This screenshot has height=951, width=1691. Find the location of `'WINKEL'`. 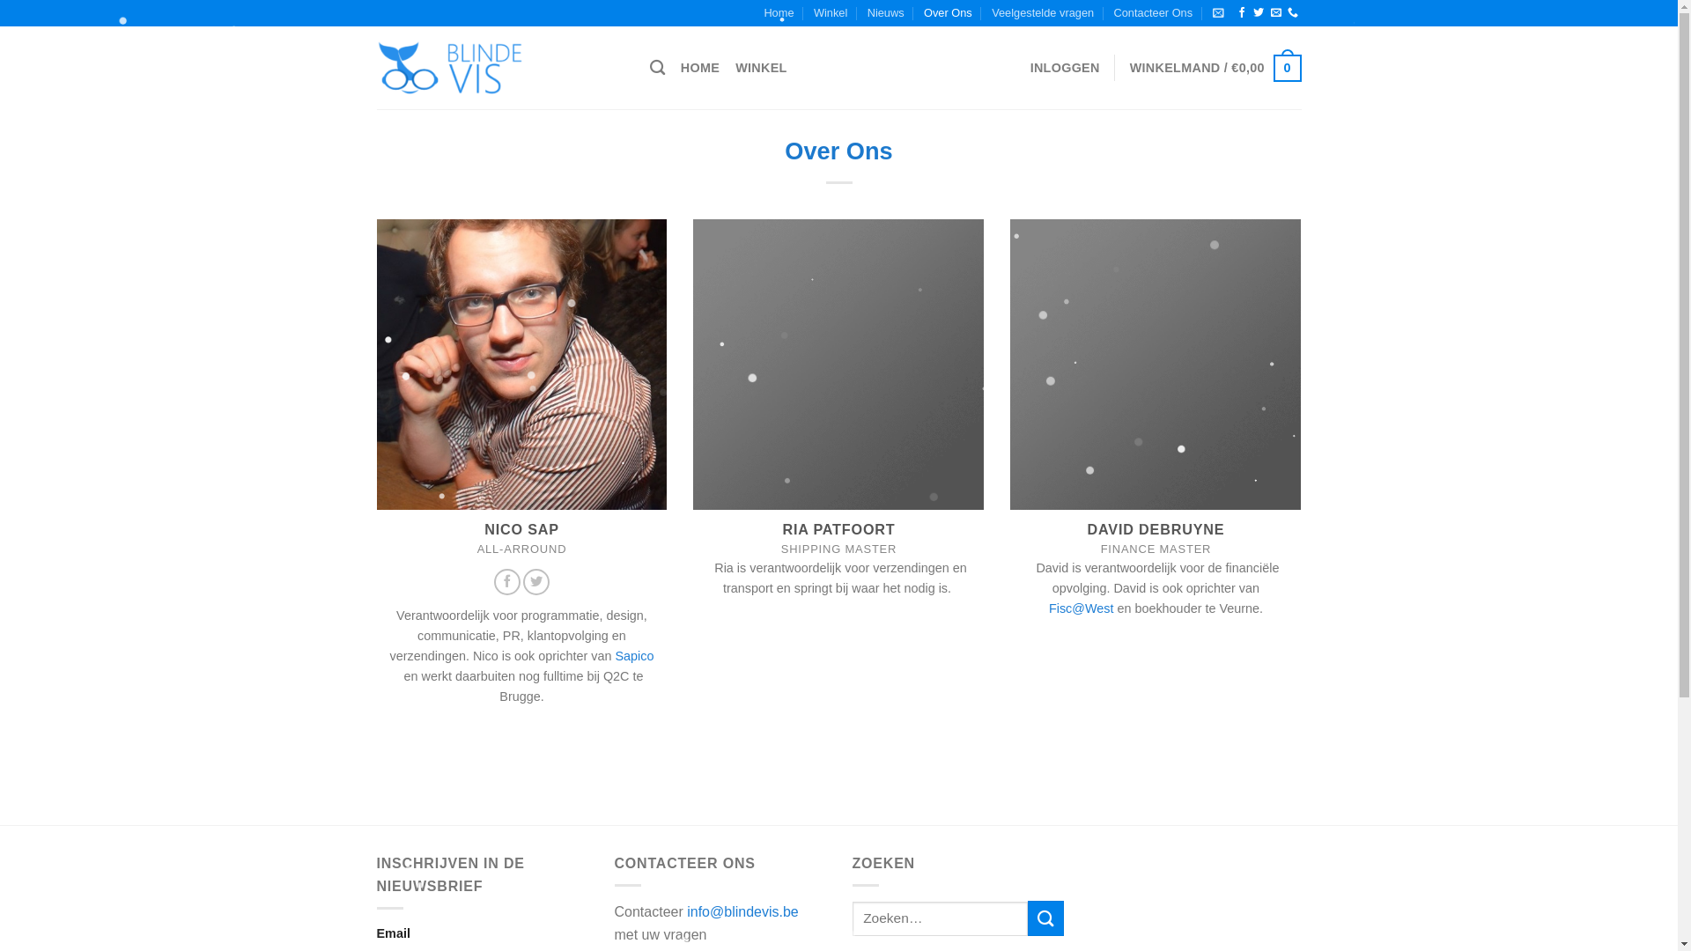

'WINKEL' is located at coordinates (735, 67).